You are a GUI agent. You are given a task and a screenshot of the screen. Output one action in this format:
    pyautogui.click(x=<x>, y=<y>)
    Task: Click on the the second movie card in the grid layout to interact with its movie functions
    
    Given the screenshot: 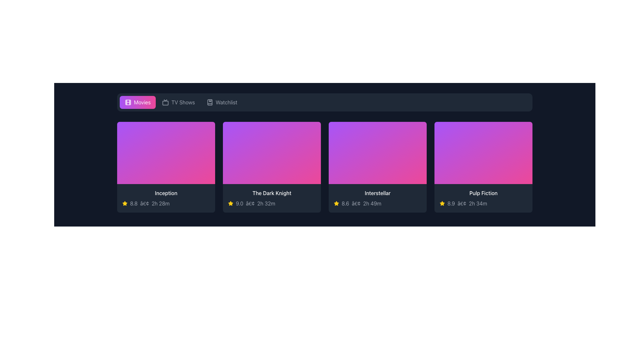 What is the action you would take?
    pyautogui.click(x=272, y=167)
    